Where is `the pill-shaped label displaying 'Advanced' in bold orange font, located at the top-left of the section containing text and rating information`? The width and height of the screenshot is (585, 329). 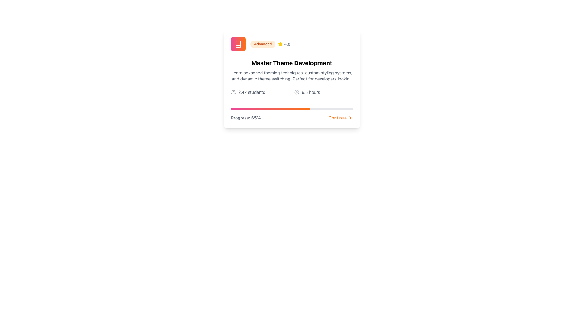 the pill-shaped label displaying 'Advanced' in bold orange font, located at the top-left of the section containing text and rating information is located at coordinates (263, 44).